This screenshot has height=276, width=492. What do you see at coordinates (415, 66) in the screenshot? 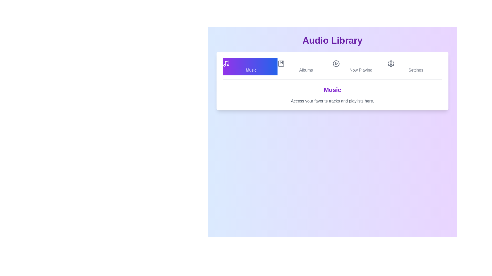
I see `the navigation button that leads to the settings page, which is the last item in a horizontally aligned list of buttons` at bounding box center [415, 66].